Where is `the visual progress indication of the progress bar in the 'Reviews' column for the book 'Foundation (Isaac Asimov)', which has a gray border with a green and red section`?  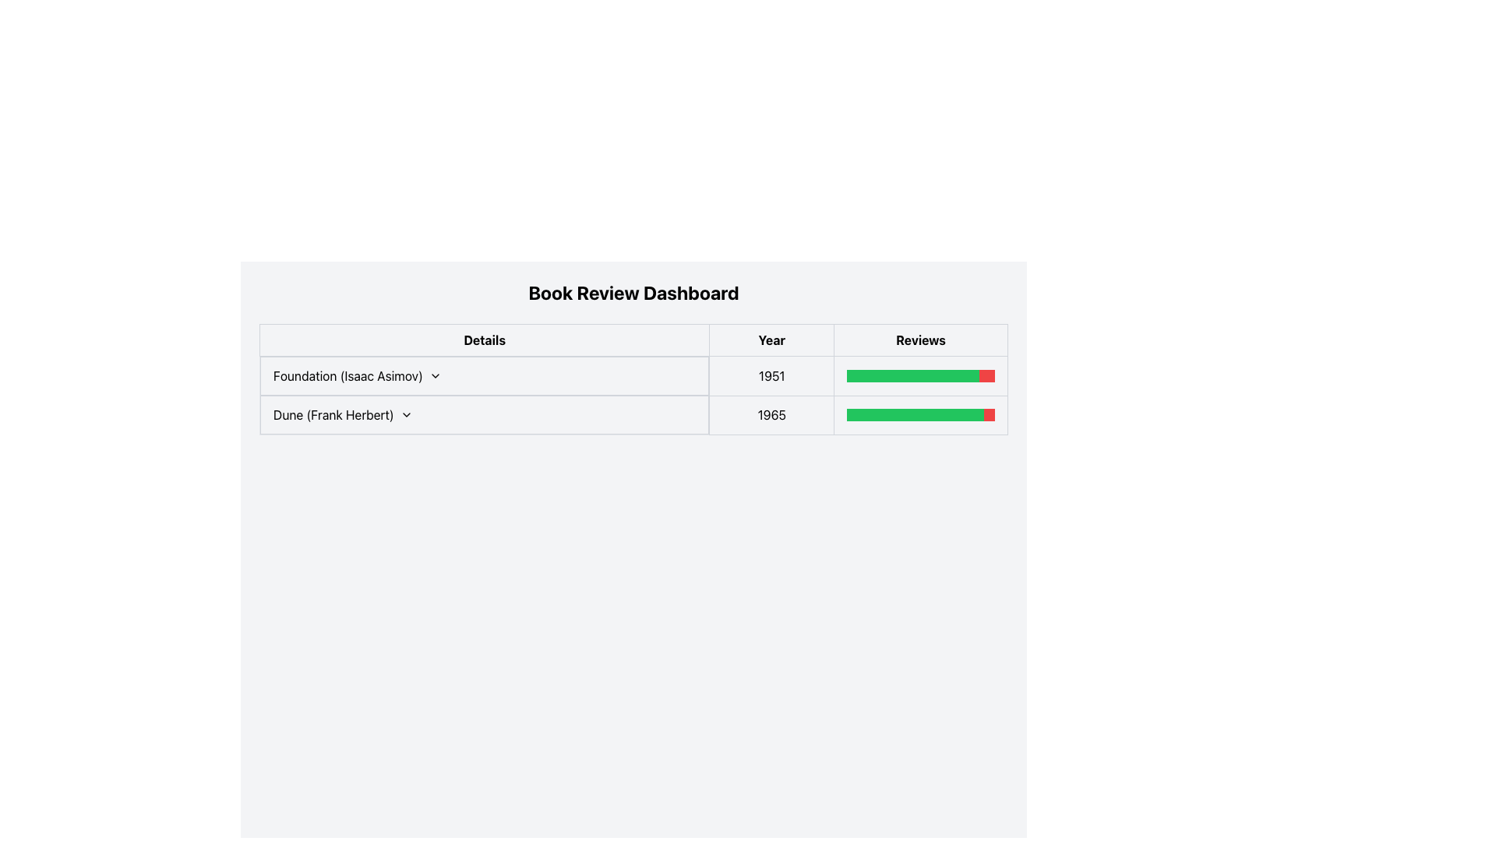 the visual progress indication of the progress bar in the 'Reviews' column for the book 'Foundation (Isaac Asimov)', which has a gray border with a green and red section is located at coordinates (921, 375).